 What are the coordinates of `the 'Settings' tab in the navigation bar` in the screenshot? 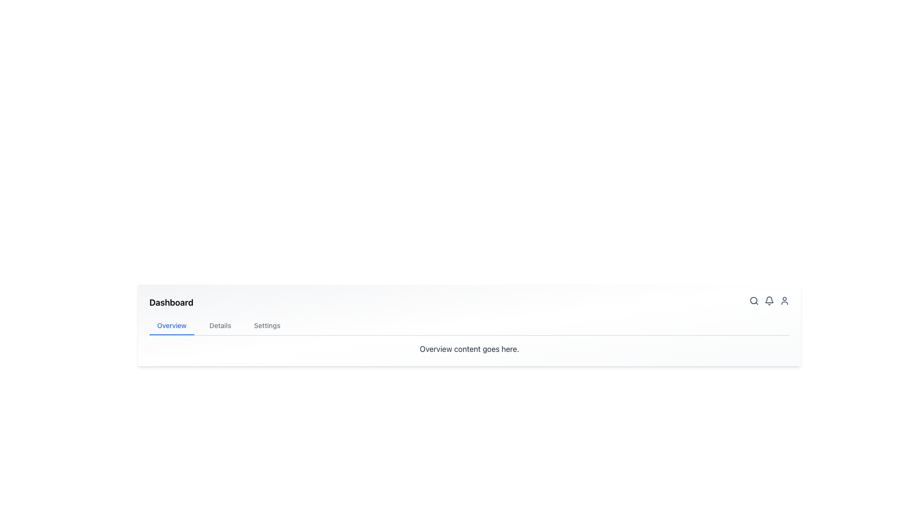 It's located at (267, 325).